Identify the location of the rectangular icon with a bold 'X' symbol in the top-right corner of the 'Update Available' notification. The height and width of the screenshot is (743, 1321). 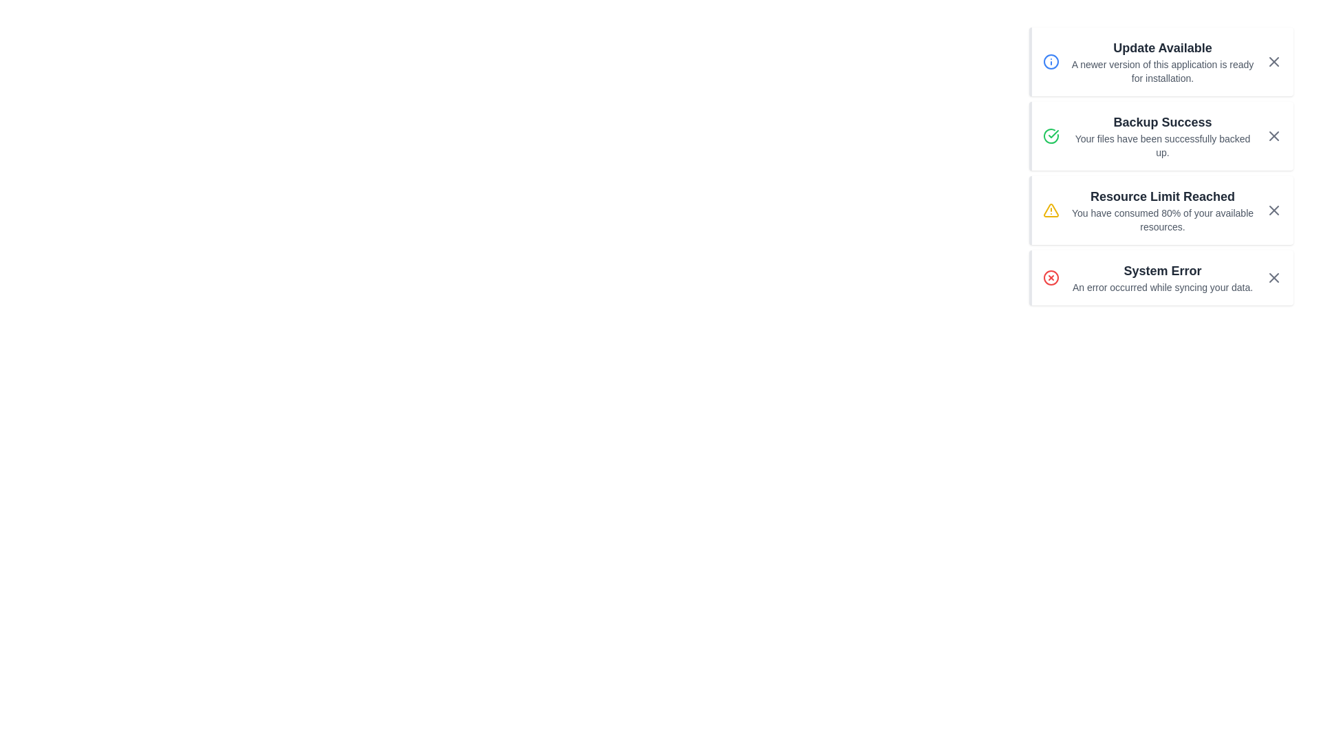
(1274, 61).